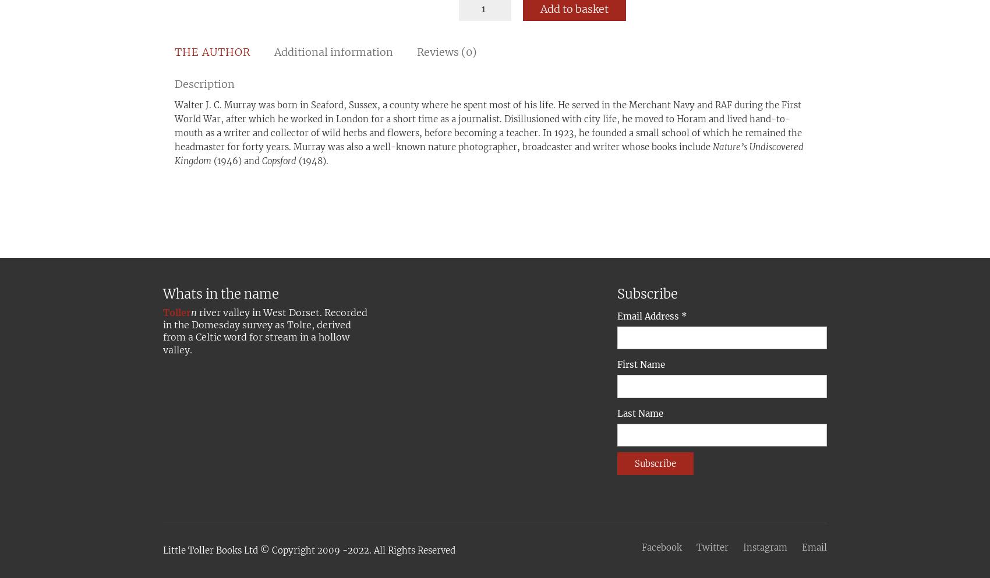 This screenshot has width=990, height=578. I want to click on 'river valley in West Dorset. Recorded in the Domesday survey as Tolre, derived from a Celtic word for stream in a hollow valley.', so click(162, 329).